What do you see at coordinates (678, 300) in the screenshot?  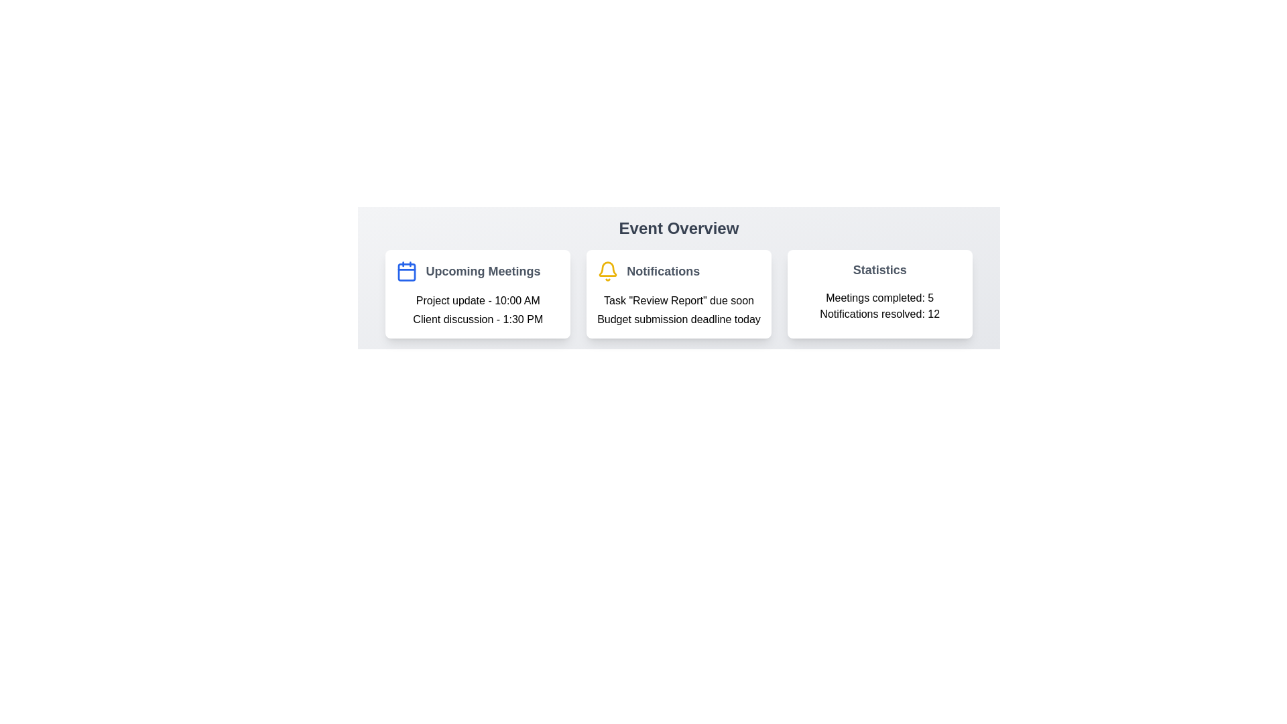 I see `the notification for the 'Review Report' task displayed in the 'Notifications' box, which is the first item in the notifications section` at bounding box center [678, 300].